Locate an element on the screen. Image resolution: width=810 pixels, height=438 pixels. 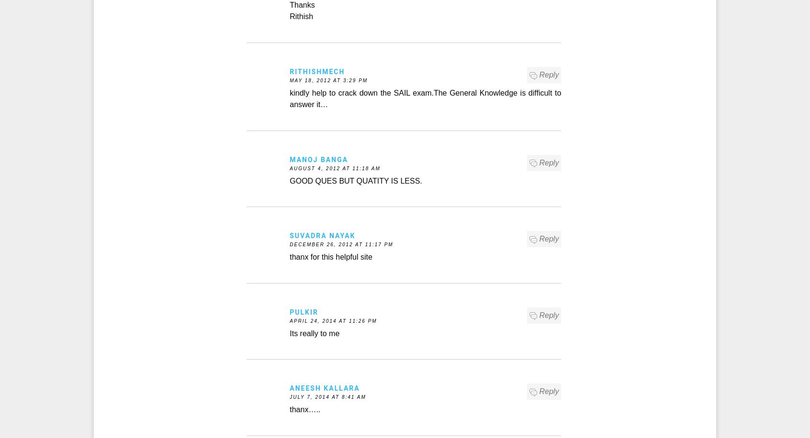
'Rithish' is located at coordinates (301, 16).